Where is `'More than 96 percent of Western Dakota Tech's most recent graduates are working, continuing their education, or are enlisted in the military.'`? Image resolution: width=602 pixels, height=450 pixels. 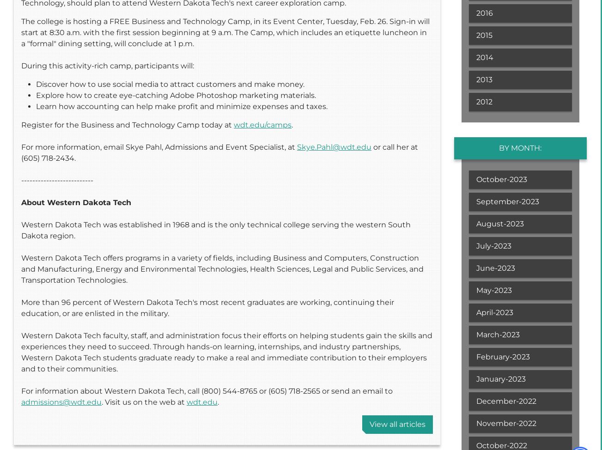 'More than 96 percent of Western Dakota Tech's most recent graduates are working, continuing their education, or are enlisted in the military.' is located at coordinates (207, 308).